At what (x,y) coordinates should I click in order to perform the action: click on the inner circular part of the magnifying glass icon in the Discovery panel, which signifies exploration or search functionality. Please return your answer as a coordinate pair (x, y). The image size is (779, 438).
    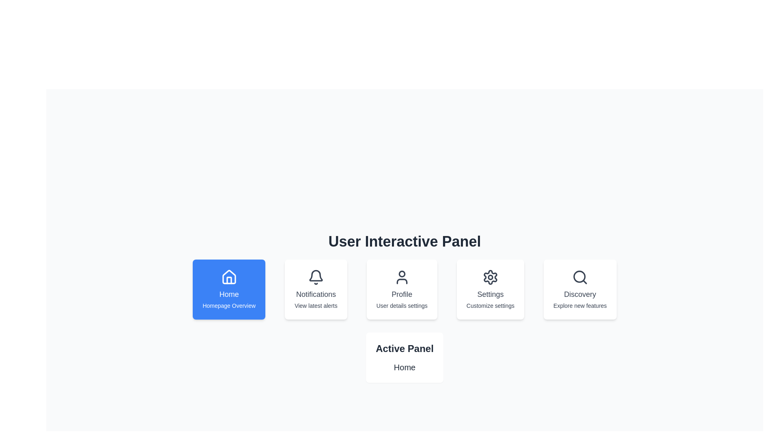
    Looking at the image, I should click on (579, 276).